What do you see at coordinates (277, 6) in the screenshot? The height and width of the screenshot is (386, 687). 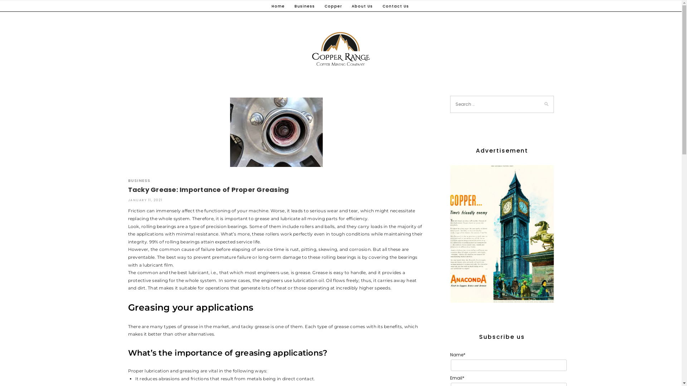 I see `'Home'` at bounding box center [277, 6].